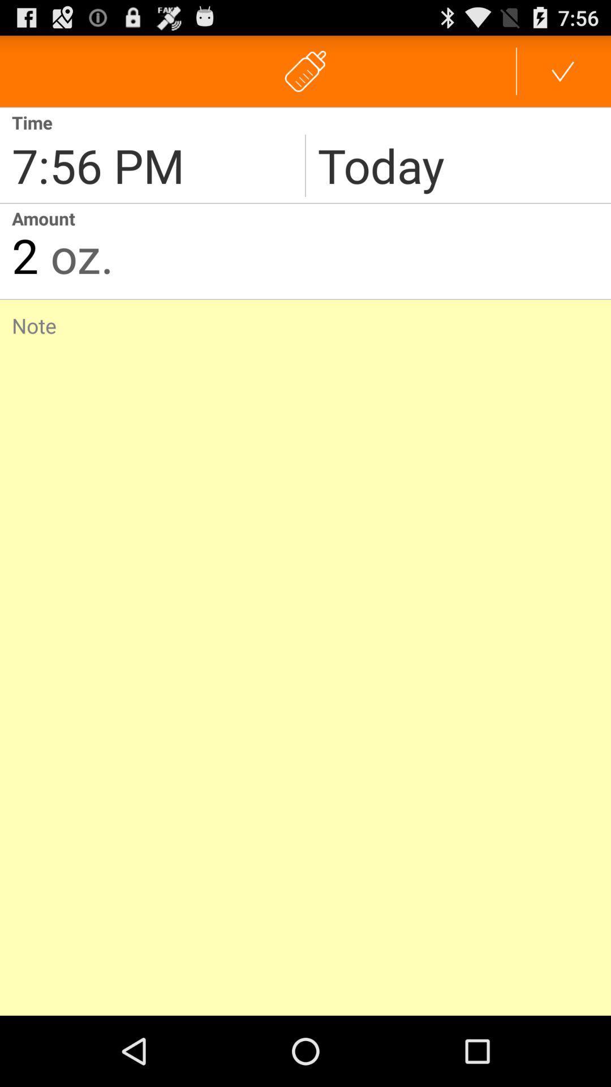 The width and height of the screenshot is (611, 1087). I want to click on the check icon, so click(563, 75).